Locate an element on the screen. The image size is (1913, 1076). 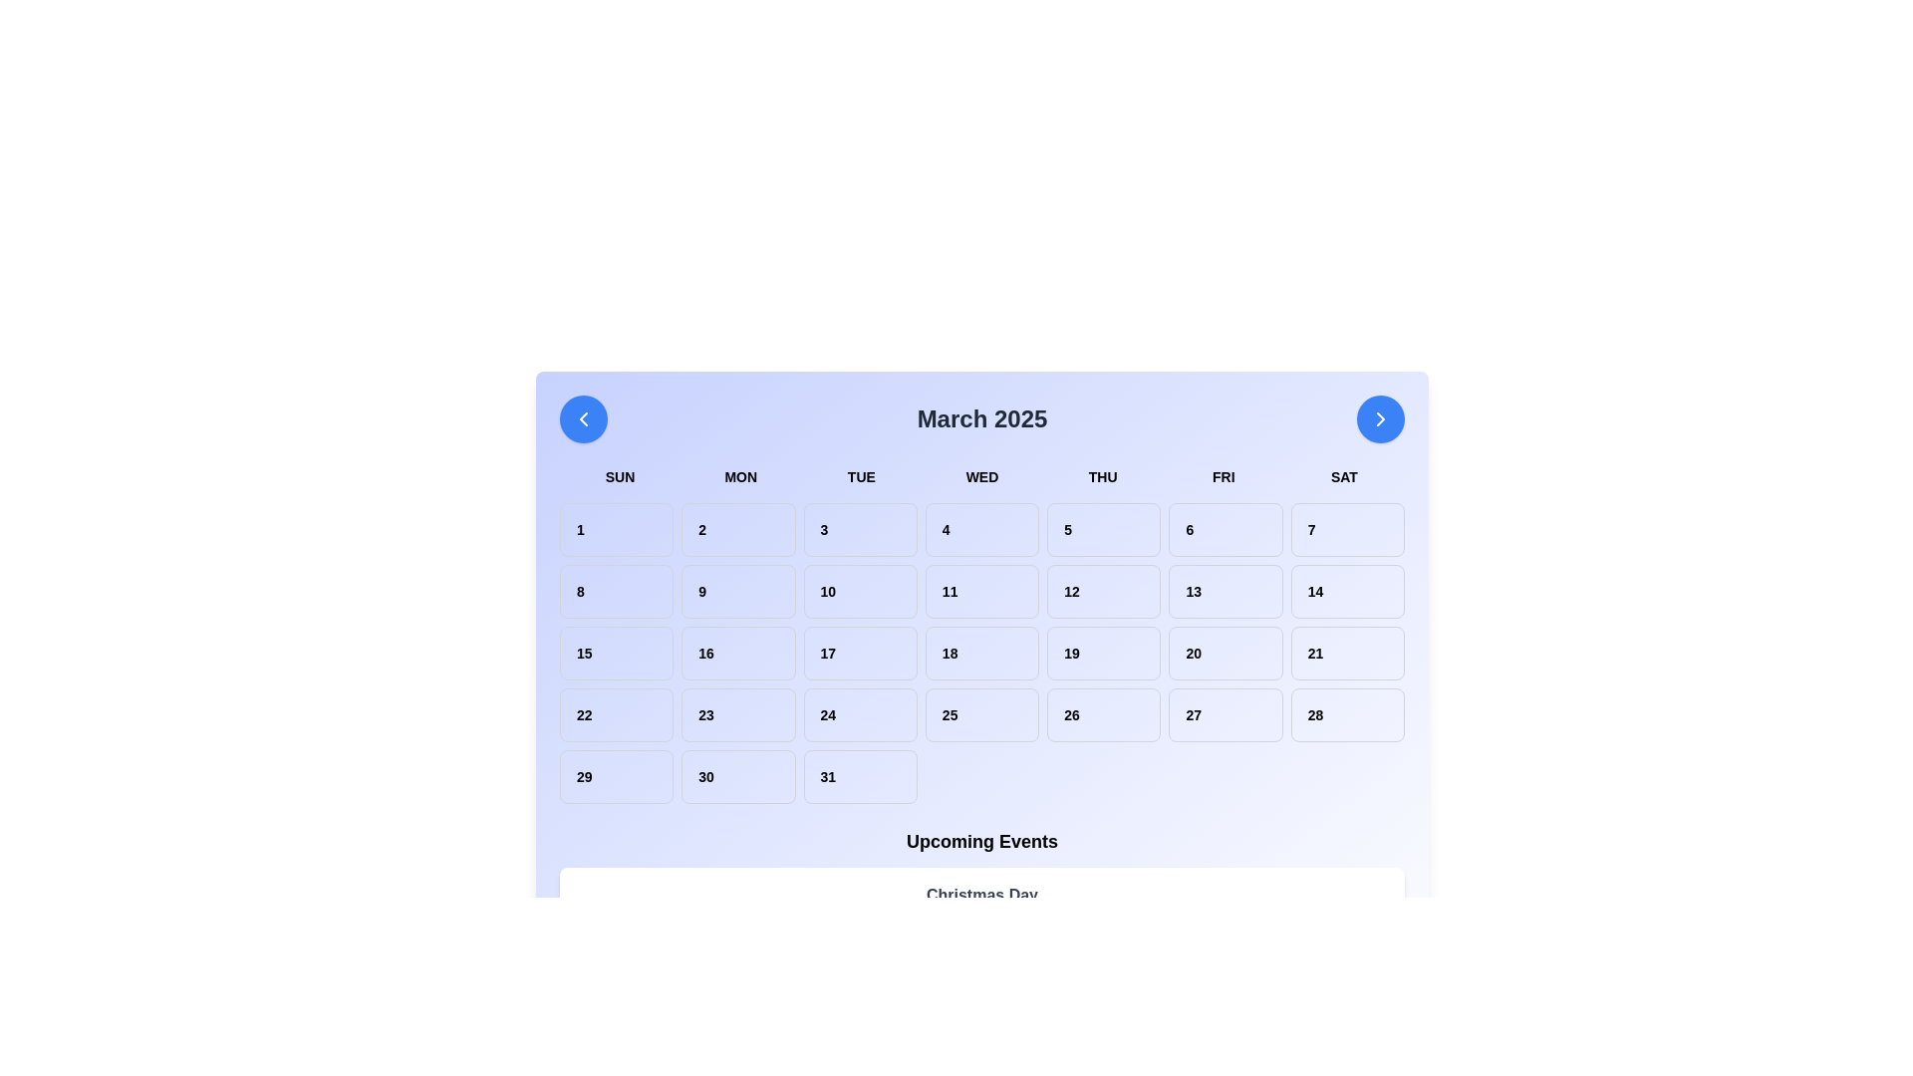
the text label displaying 'Christmas Day' that is styled in medium-sized bold gray font and is the first element in the upcoming events card is located at coordinates (981, 894).